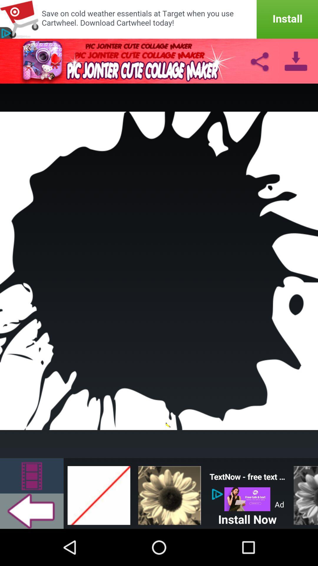 This screenshot has height=566, width=318. Describe the element at coordinates (247, 518) in the screenshot. I see `install now item` at that location.